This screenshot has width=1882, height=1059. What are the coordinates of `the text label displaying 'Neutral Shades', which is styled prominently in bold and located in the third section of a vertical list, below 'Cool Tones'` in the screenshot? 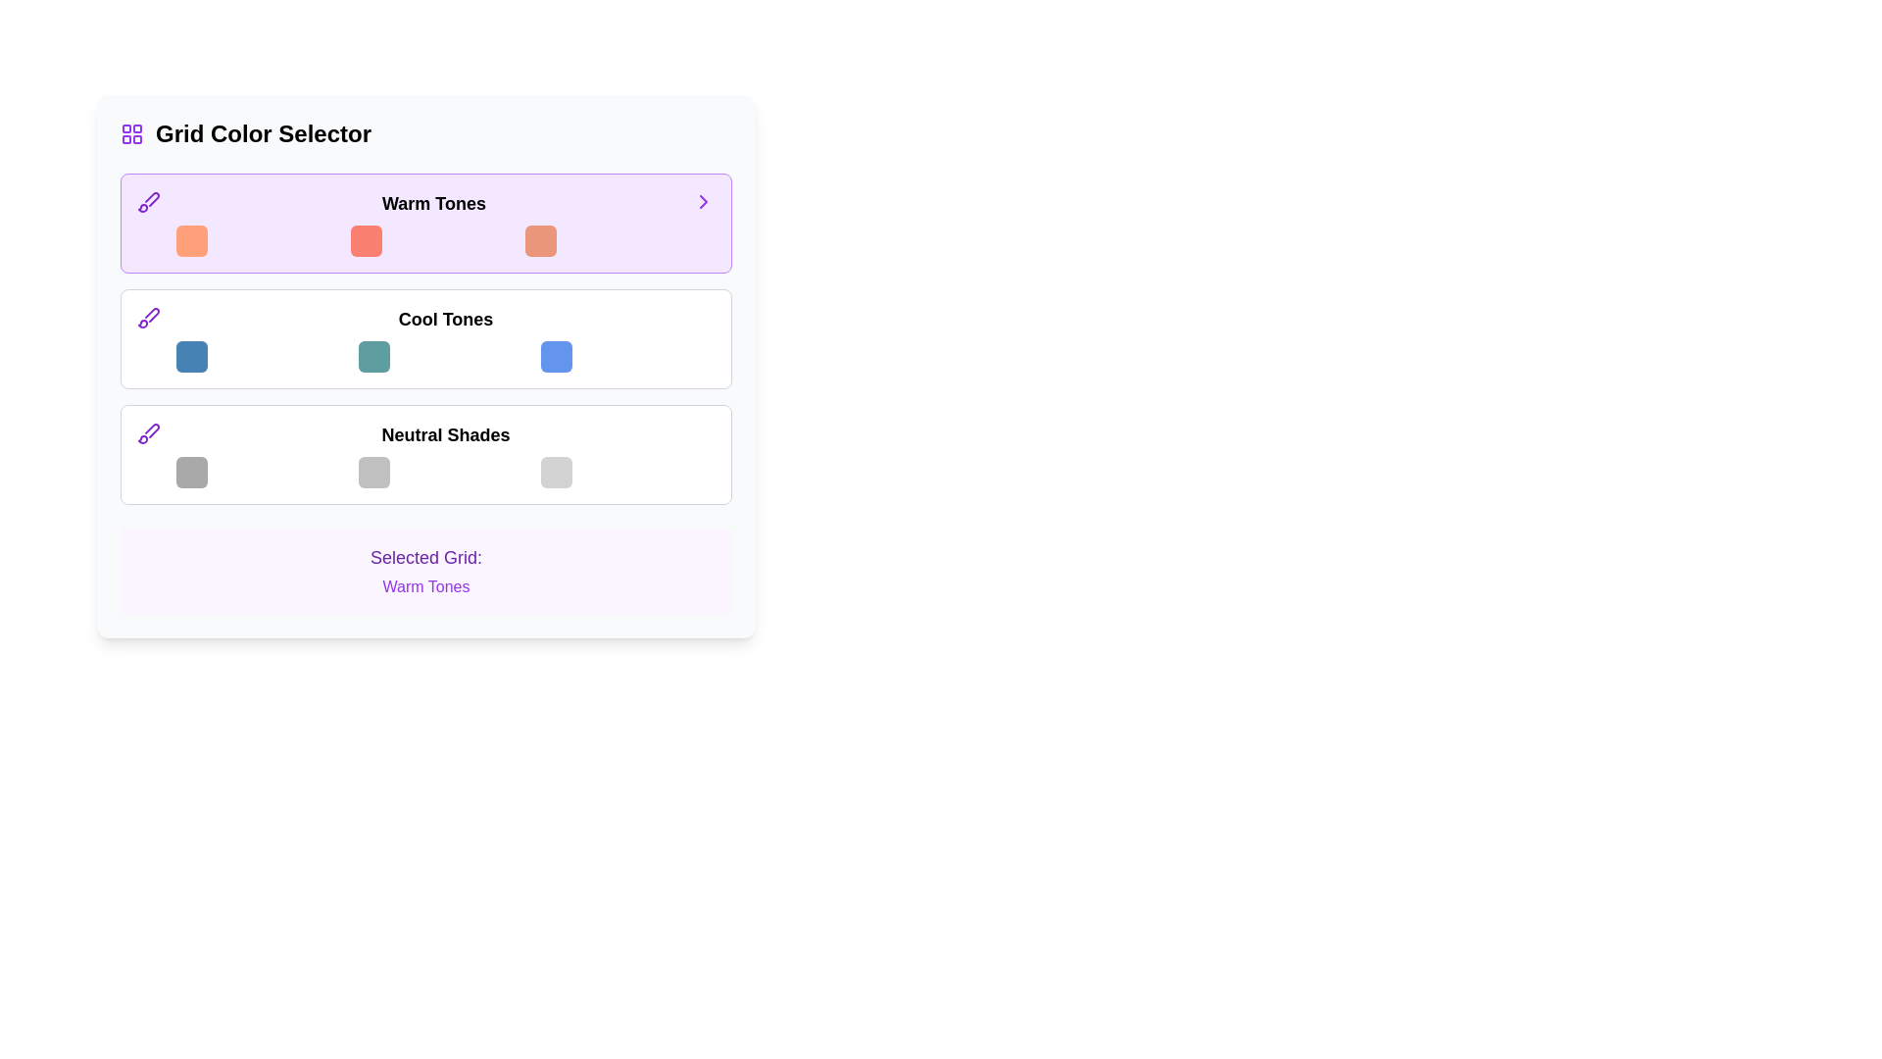 It's located at (445, 433).